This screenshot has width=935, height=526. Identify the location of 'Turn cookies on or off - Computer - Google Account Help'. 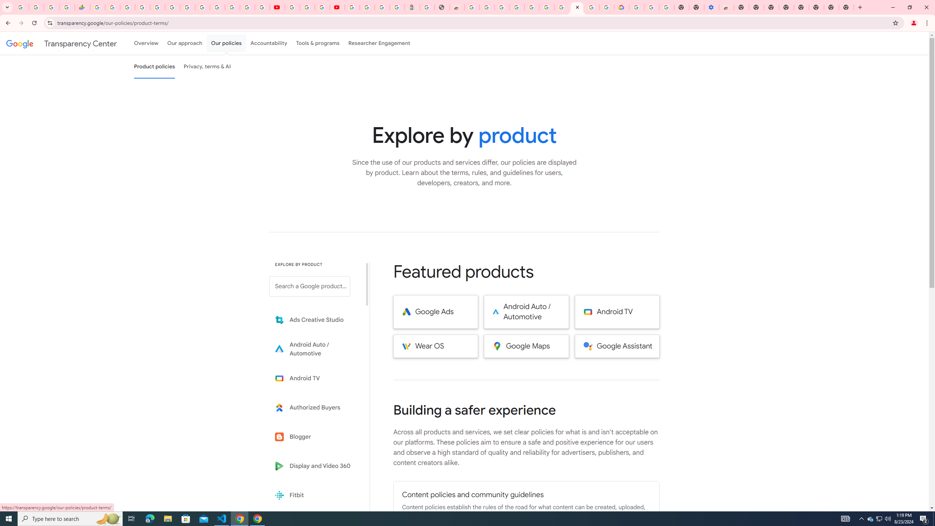
(667, 7).